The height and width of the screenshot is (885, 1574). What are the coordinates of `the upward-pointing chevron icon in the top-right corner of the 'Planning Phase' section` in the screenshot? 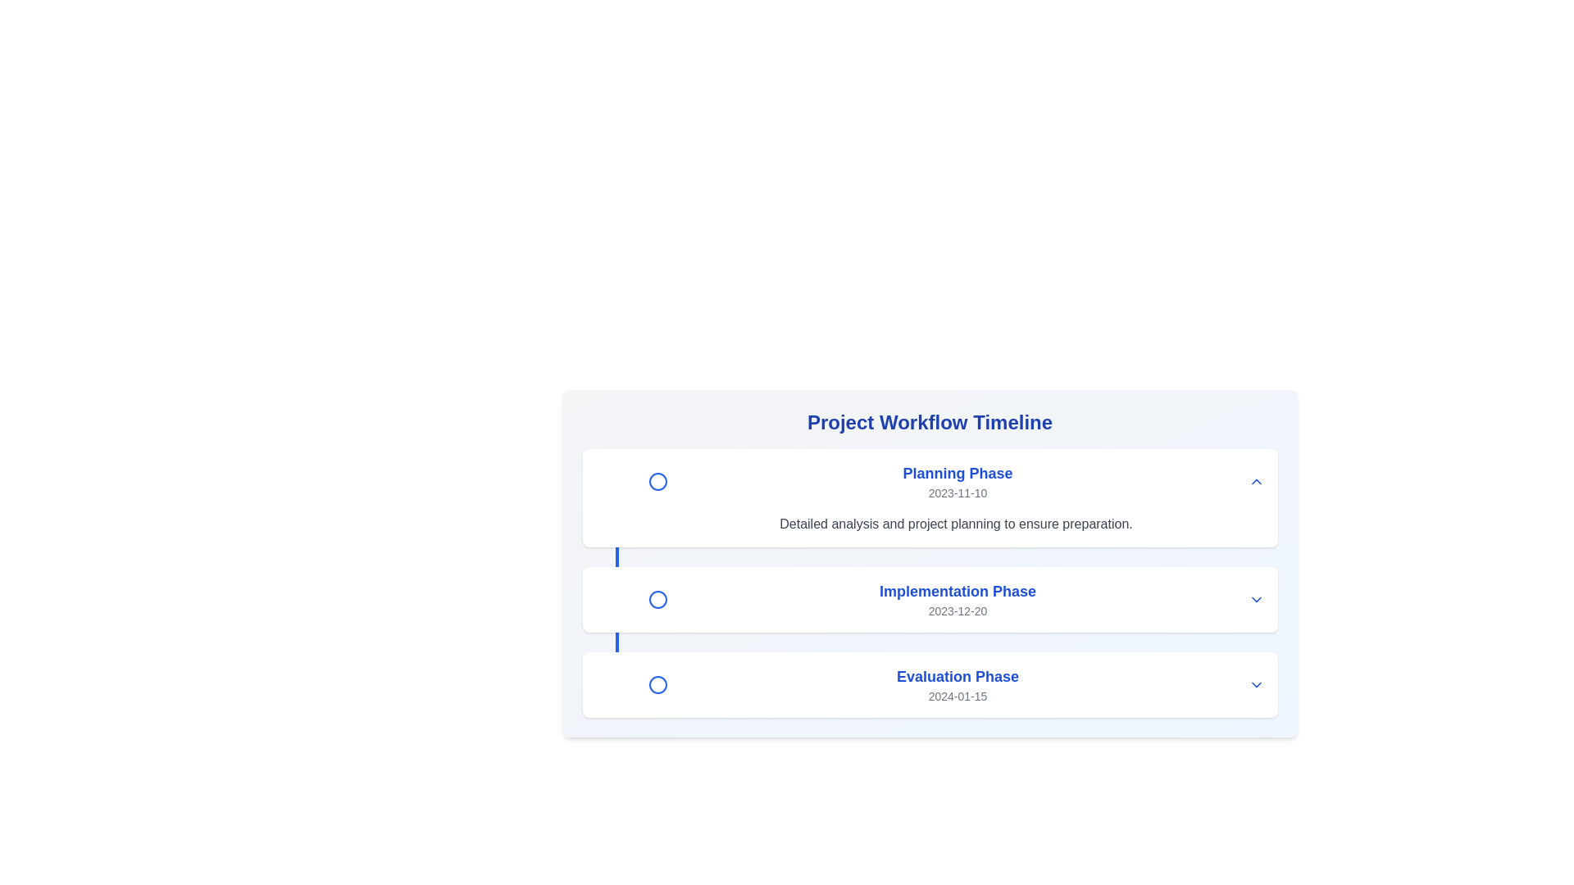 It's located at (1255, 480).